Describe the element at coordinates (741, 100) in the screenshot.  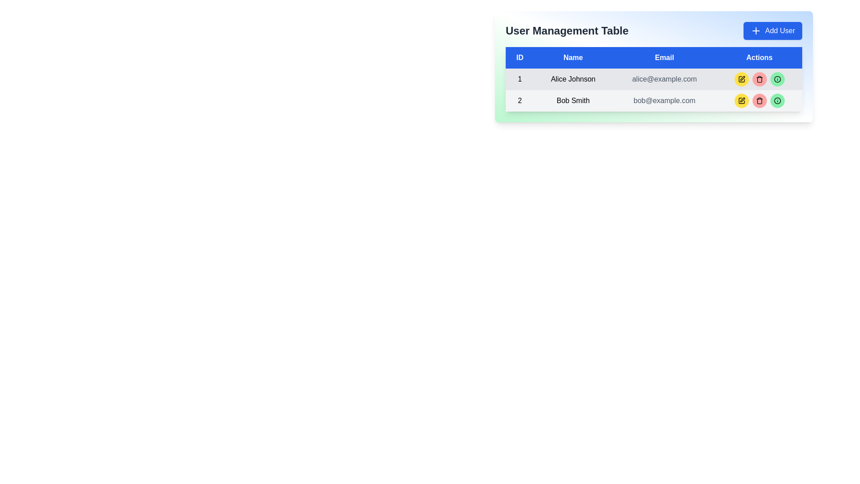
I see `the edit button in the 'Actions' column of the second row corresponding to user 'Bob Smith'` at that location.